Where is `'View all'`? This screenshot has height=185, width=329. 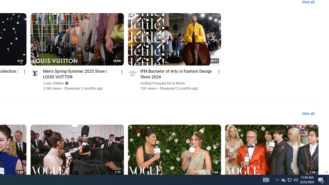 'View all' is located at coordinates (308, 113).